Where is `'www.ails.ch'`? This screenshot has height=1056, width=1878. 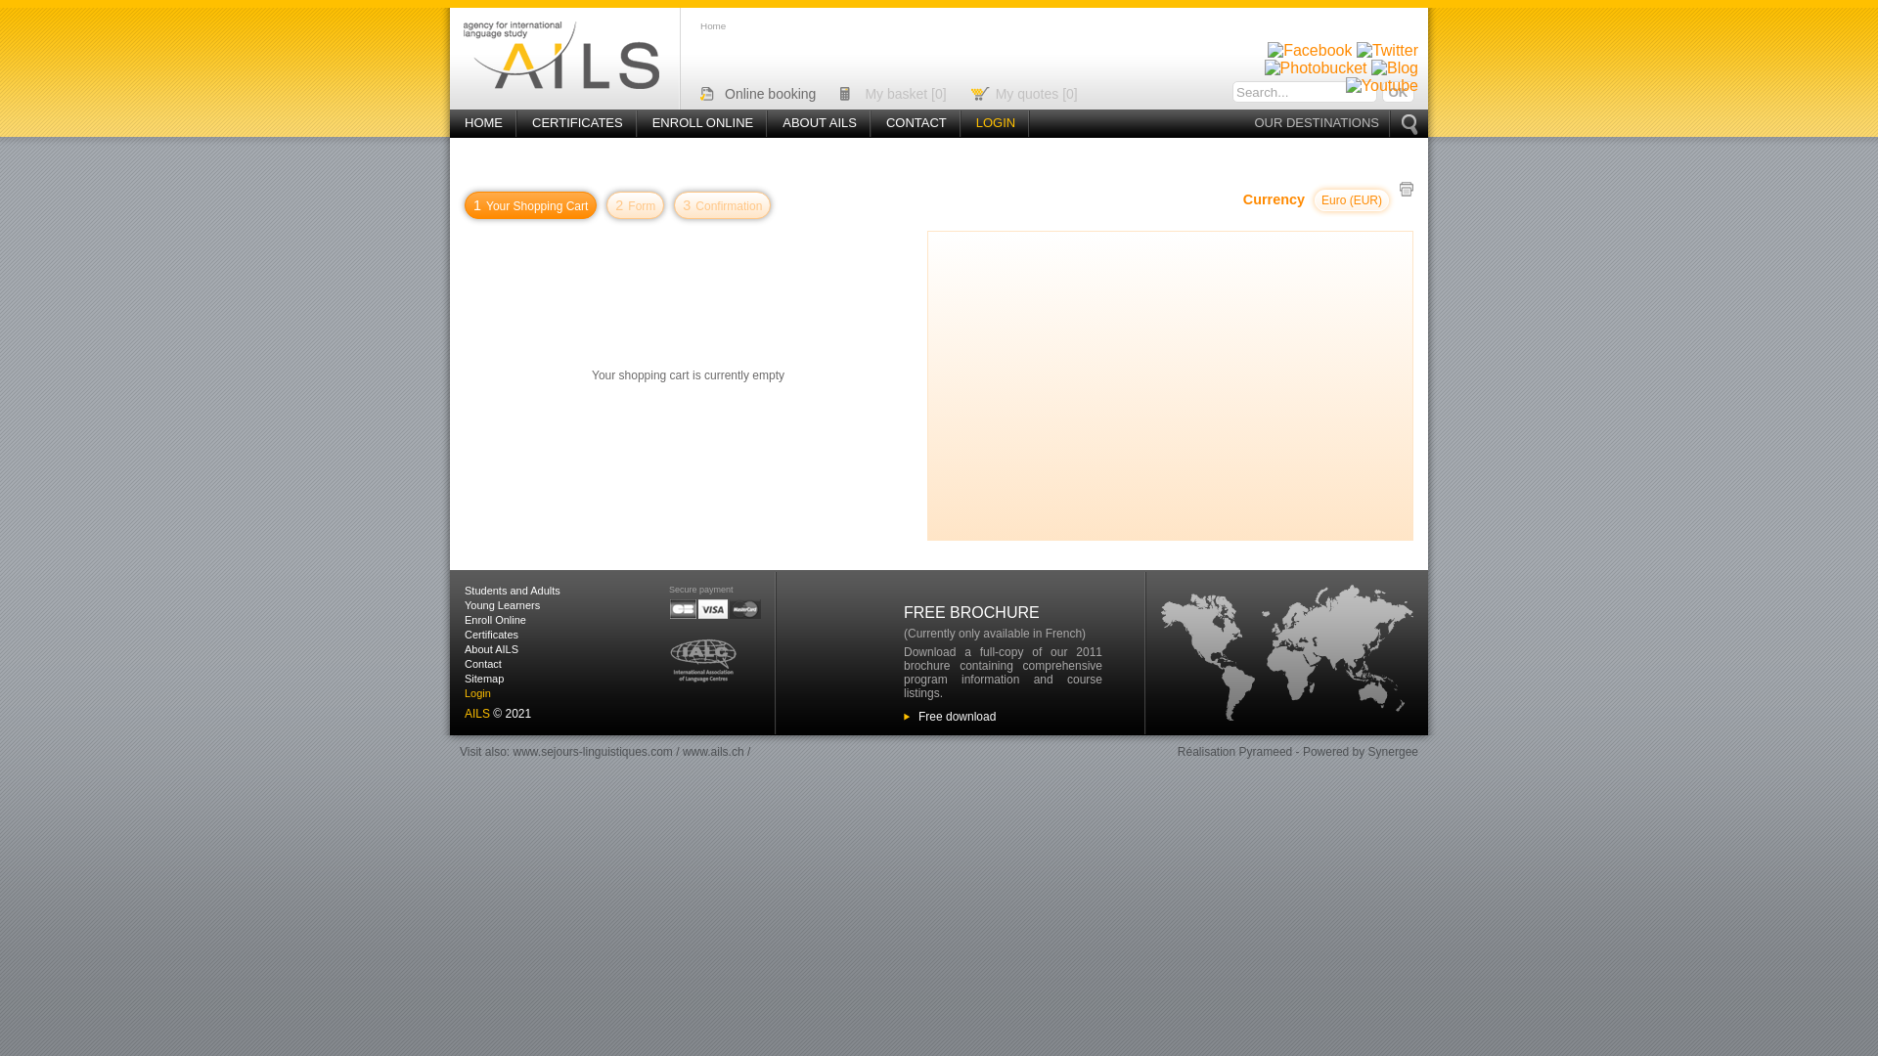
'www.ails.ch' is located at coordinates (712, 750).